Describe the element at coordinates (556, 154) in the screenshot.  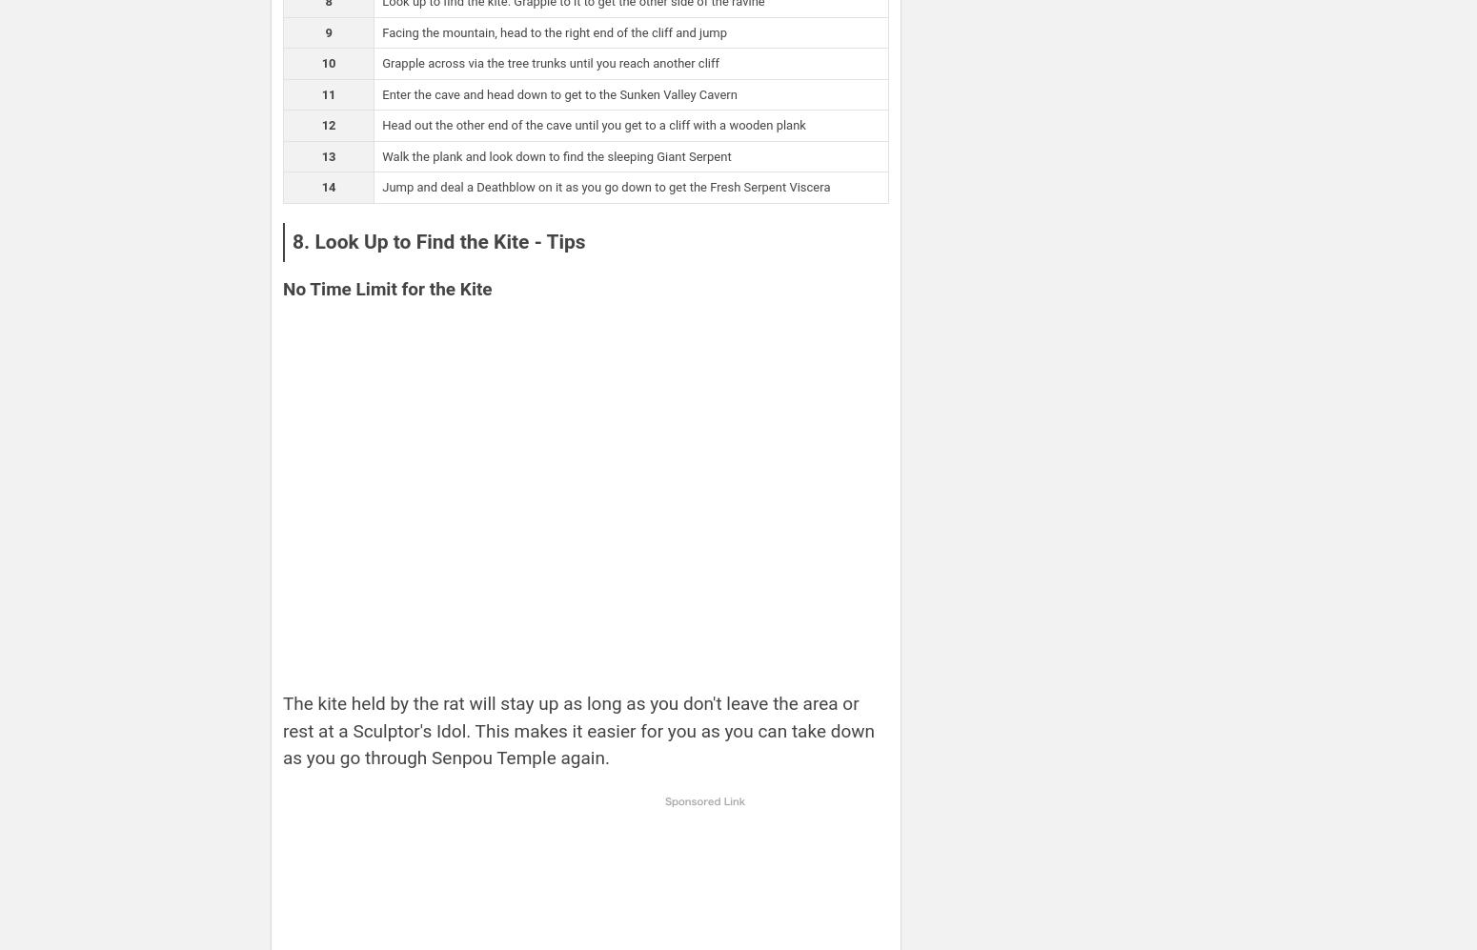
I see `'Walk the plank and look down to find the sleeping Giant Serpent'` at that location.